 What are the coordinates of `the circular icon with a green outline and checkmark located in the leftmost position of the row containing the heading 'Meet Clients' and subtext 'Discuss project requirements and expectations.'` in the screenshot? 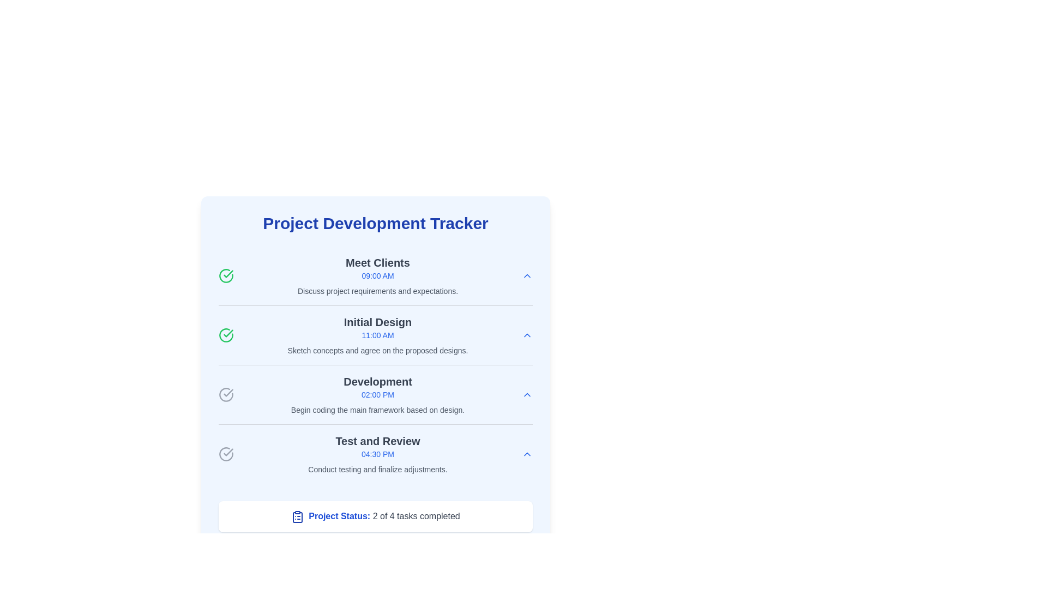 It's located at (225, 275).